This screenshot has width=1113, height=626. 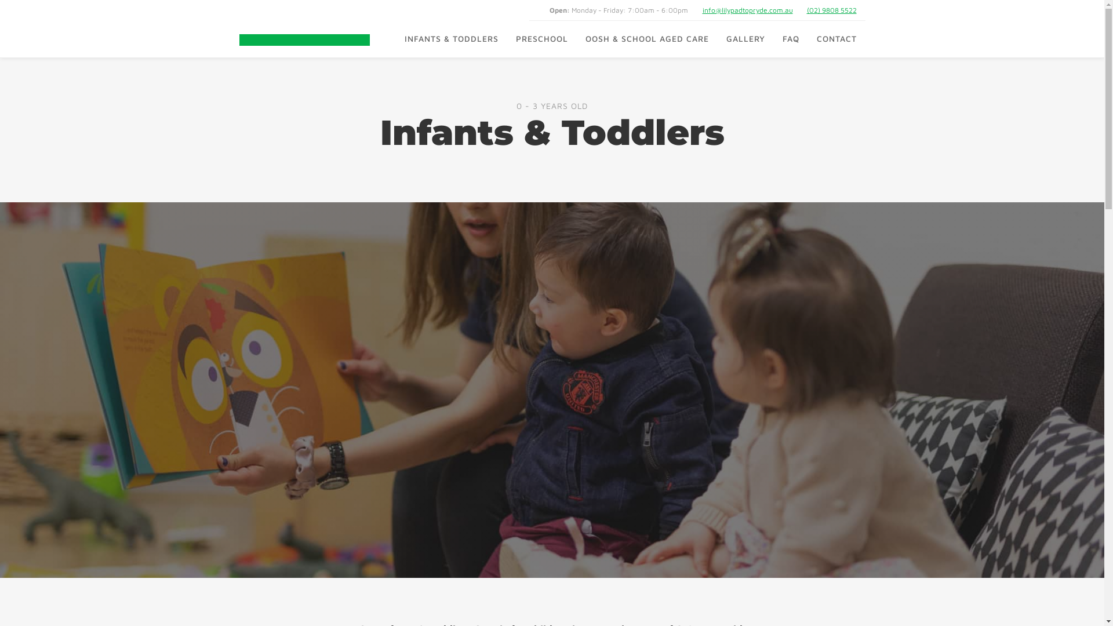 What do you see at coordinates (790, 38) in the screenshot?
I see `'FAQ'` at bounding box center [790, 38].